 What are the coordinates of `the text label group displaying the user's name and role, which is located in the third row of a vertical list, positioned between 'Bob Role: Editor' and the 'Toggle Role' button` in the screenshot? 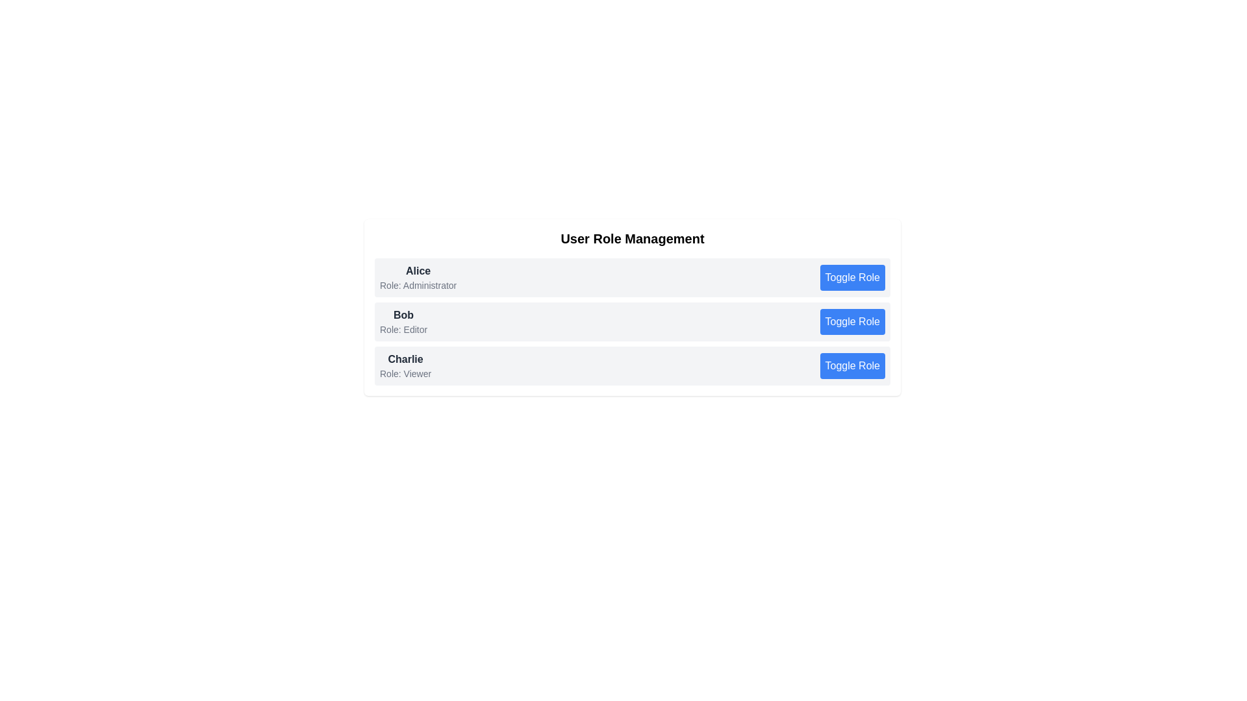 It's located at (405, 365).